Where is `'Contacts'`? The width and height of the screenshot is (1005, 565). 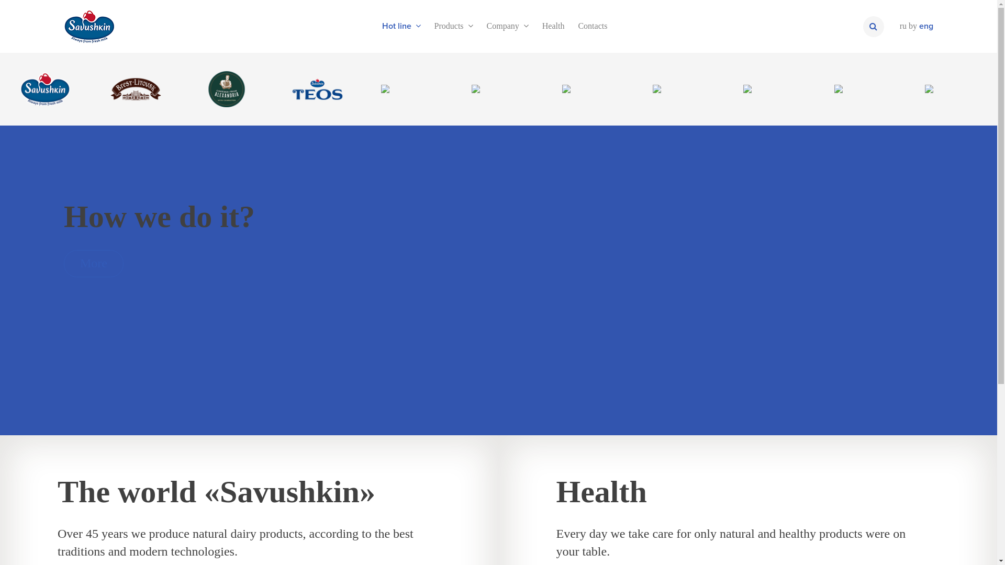 'Contacts' is located at coordinates (593, 26).